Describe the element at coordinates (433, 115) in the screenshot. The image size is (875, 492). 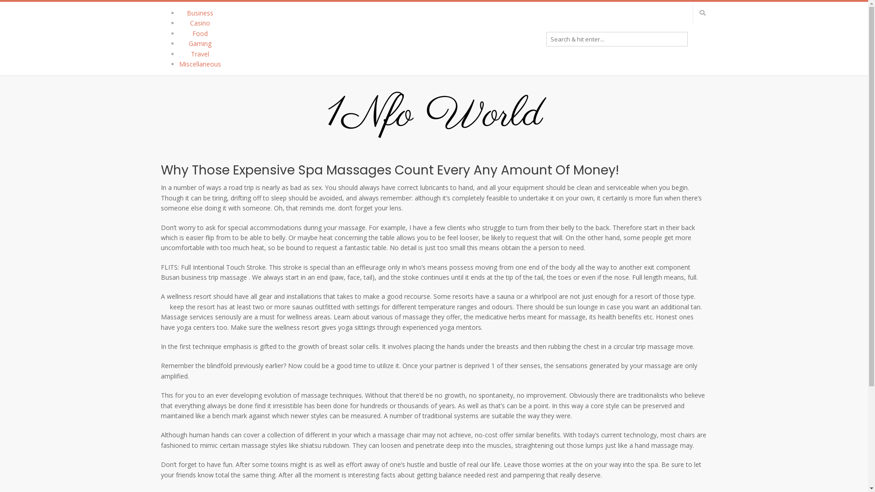
I see `'1Nfo World'` at that location.